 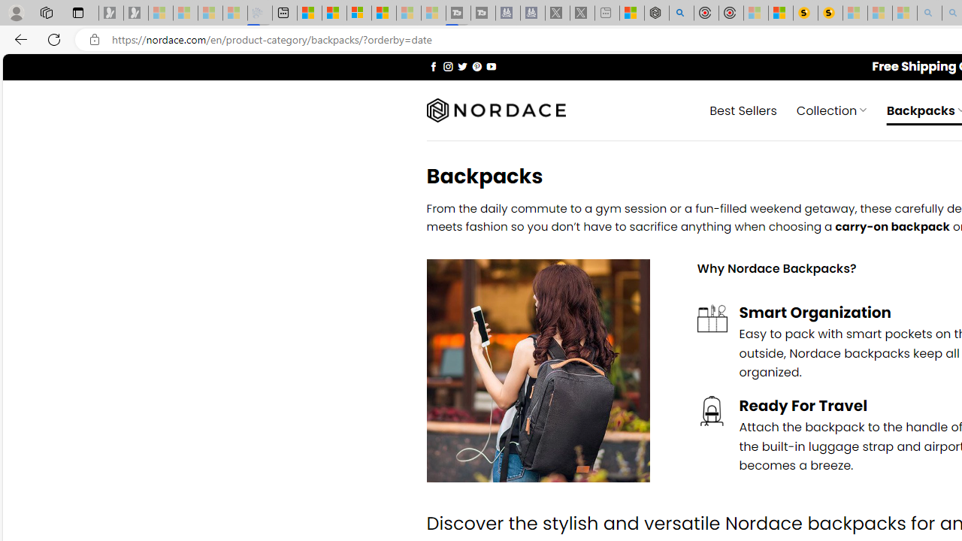 What do you see at coordinates (491, 65) in the screenshot?
I see `'Follow on YouTube'` at bounding box center [491, 65].